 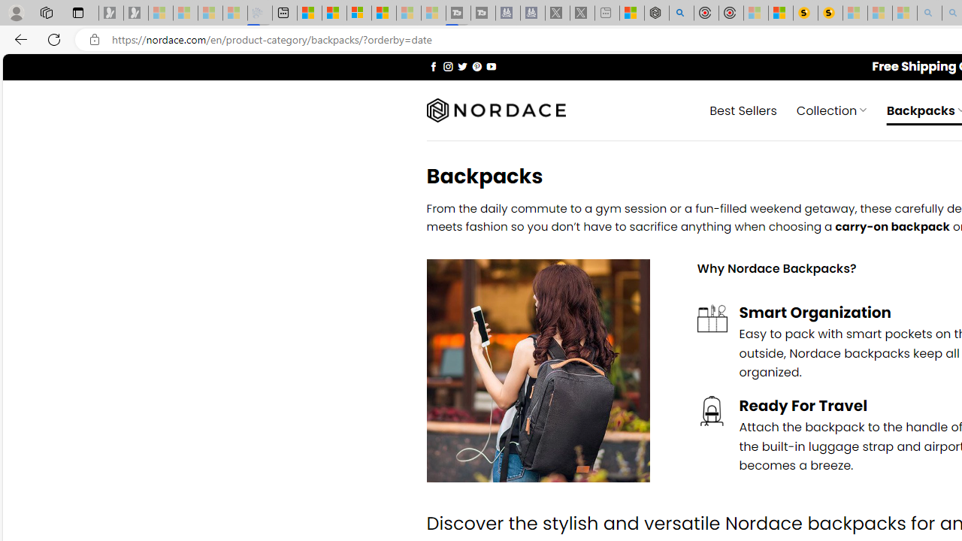 What do you see at coordinates (491, 65) in the screenshot?
I see `'Follow on YouTube'` at bounding box center [491, 65].